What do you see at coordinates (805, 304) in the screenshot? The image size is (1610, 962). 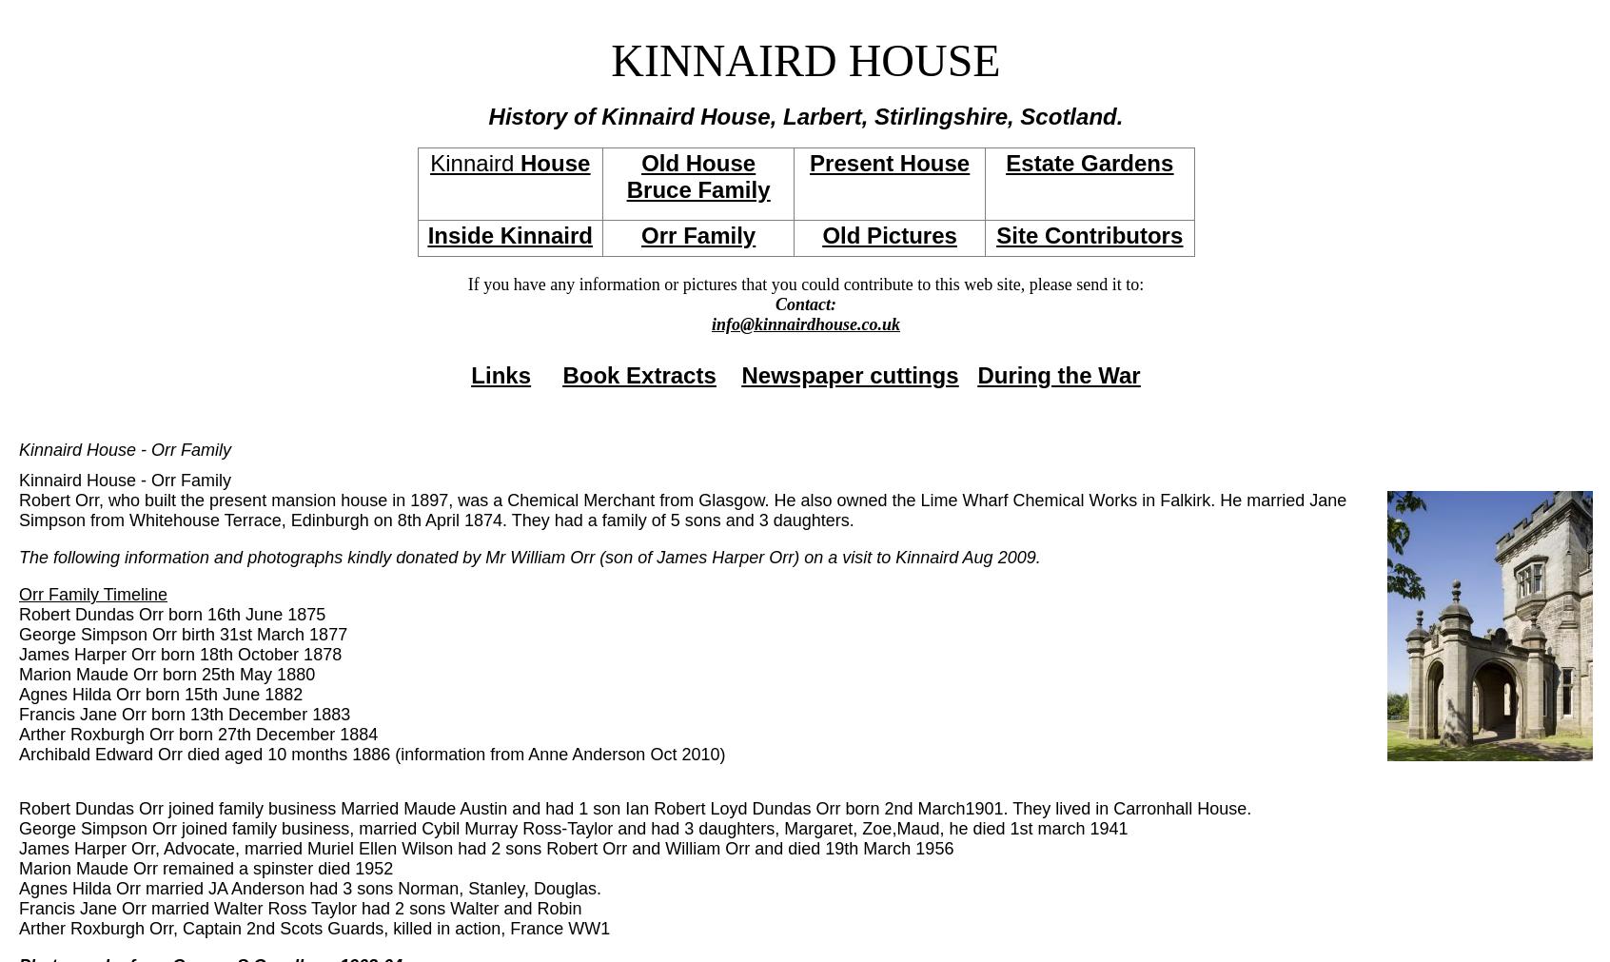 I see `'Contact:'` at bounding box center [805, 304].